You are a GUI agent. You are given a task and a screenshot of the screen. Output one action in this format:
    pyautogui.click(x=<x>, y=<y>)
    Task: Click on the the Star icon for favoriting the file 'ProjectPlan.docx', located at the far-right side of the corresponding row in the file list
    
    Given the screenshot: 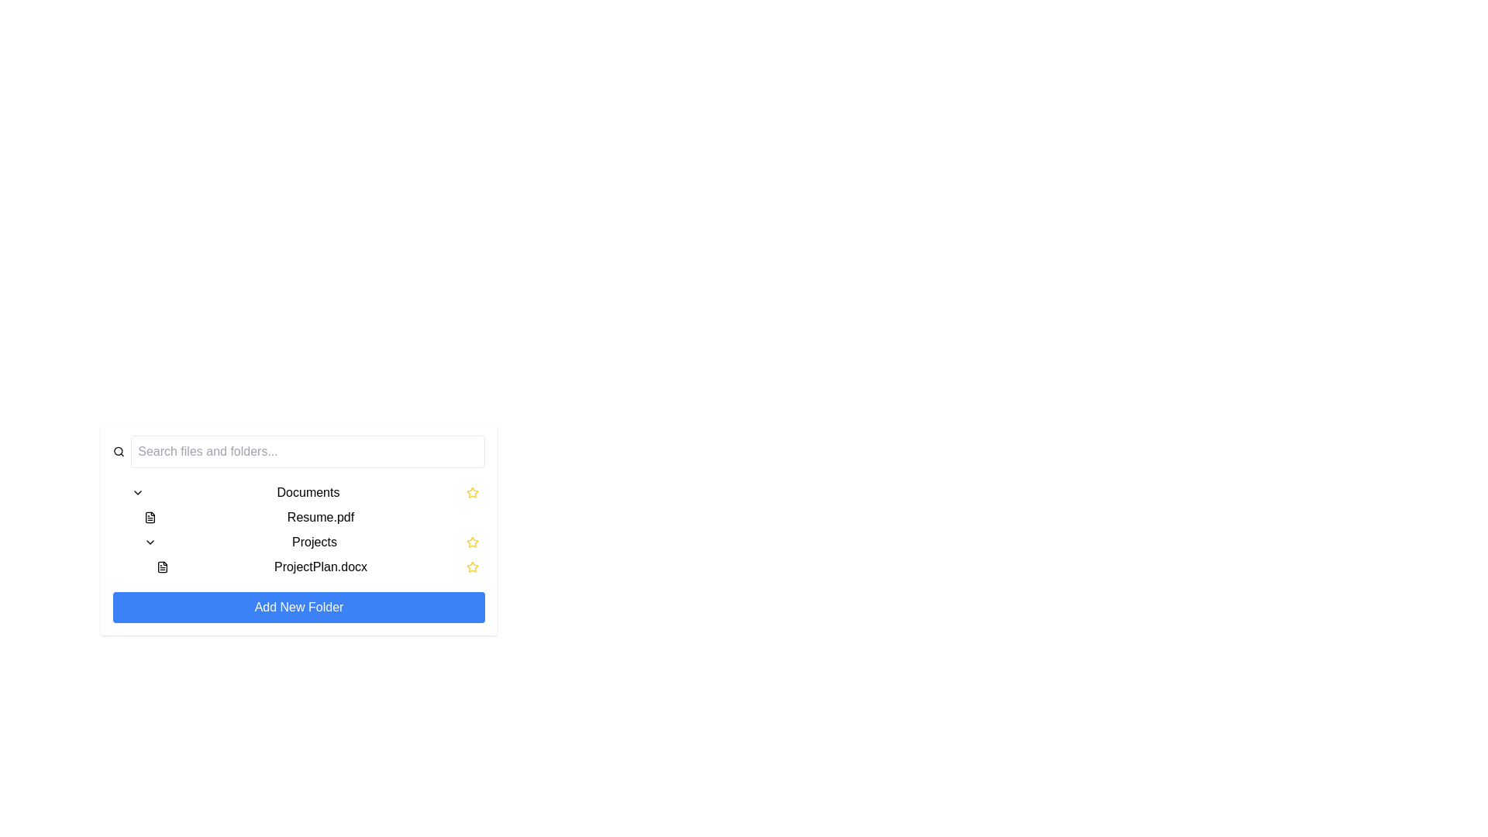 What is the action you would take?
    pyautogui.click(x=471, y=567)
    